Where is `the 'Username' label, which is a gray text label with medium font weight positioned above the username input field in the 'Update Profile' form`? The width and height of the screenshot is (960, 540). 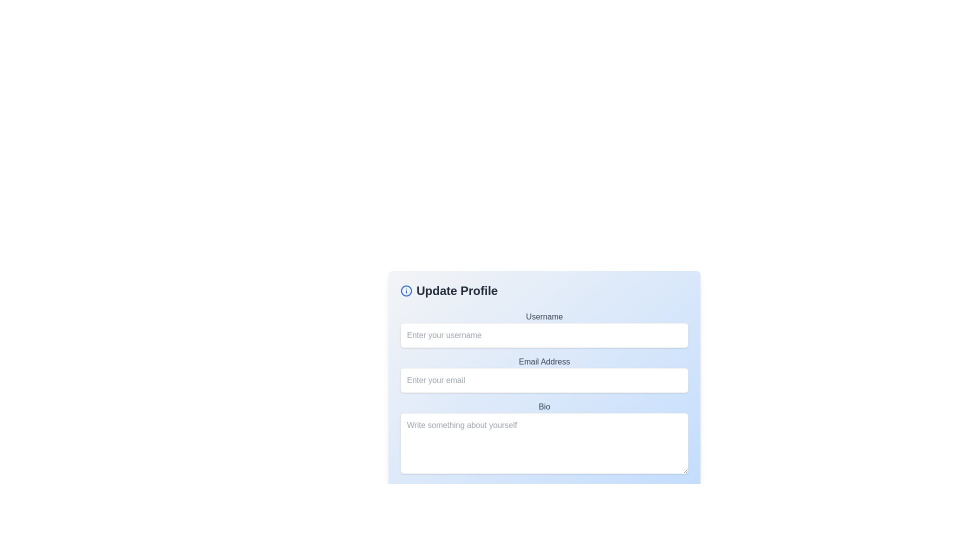 the 'Username' label, which is a gray text label with medium font weight positioned above the username input field in the 'Update Profile' form is located at coordinates (544, 316).